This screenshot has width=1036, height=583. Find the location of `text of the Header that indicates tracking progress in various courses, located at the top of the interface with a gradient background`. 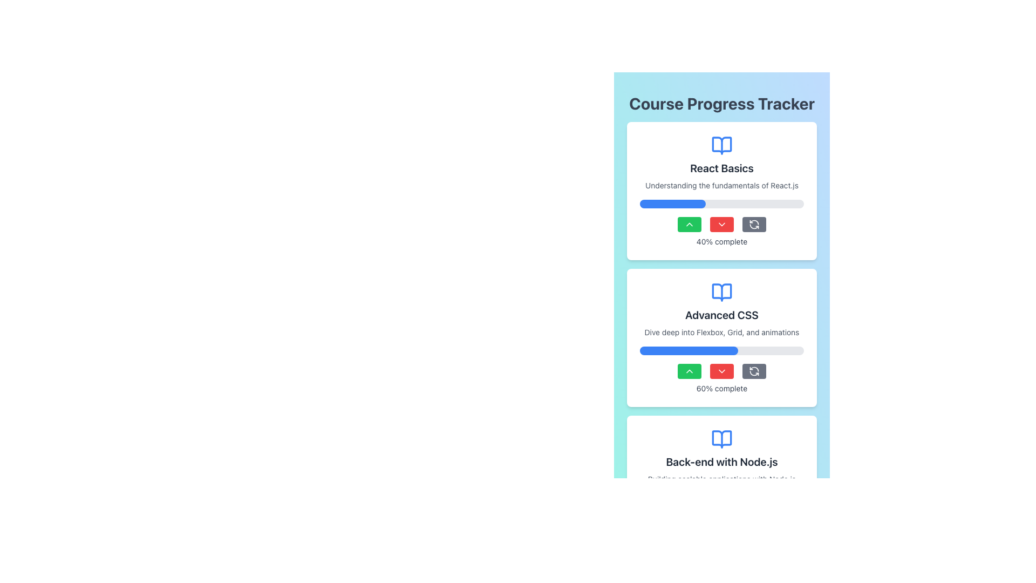

text of the Header that indicates tracking progress in various courses, located at the top of the interface with a gradient background is located at coordinates (722, 104).